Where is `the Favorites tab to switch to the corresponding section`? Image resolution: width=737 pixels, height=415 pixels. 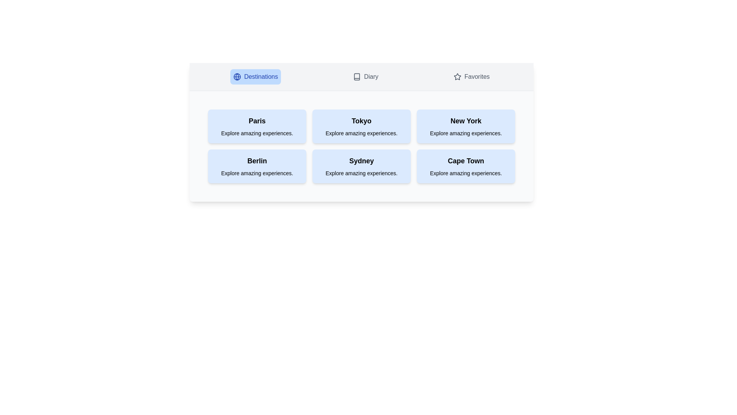 the Favorites tab to switch to the corresponding section is located at coordinates (471, 77).